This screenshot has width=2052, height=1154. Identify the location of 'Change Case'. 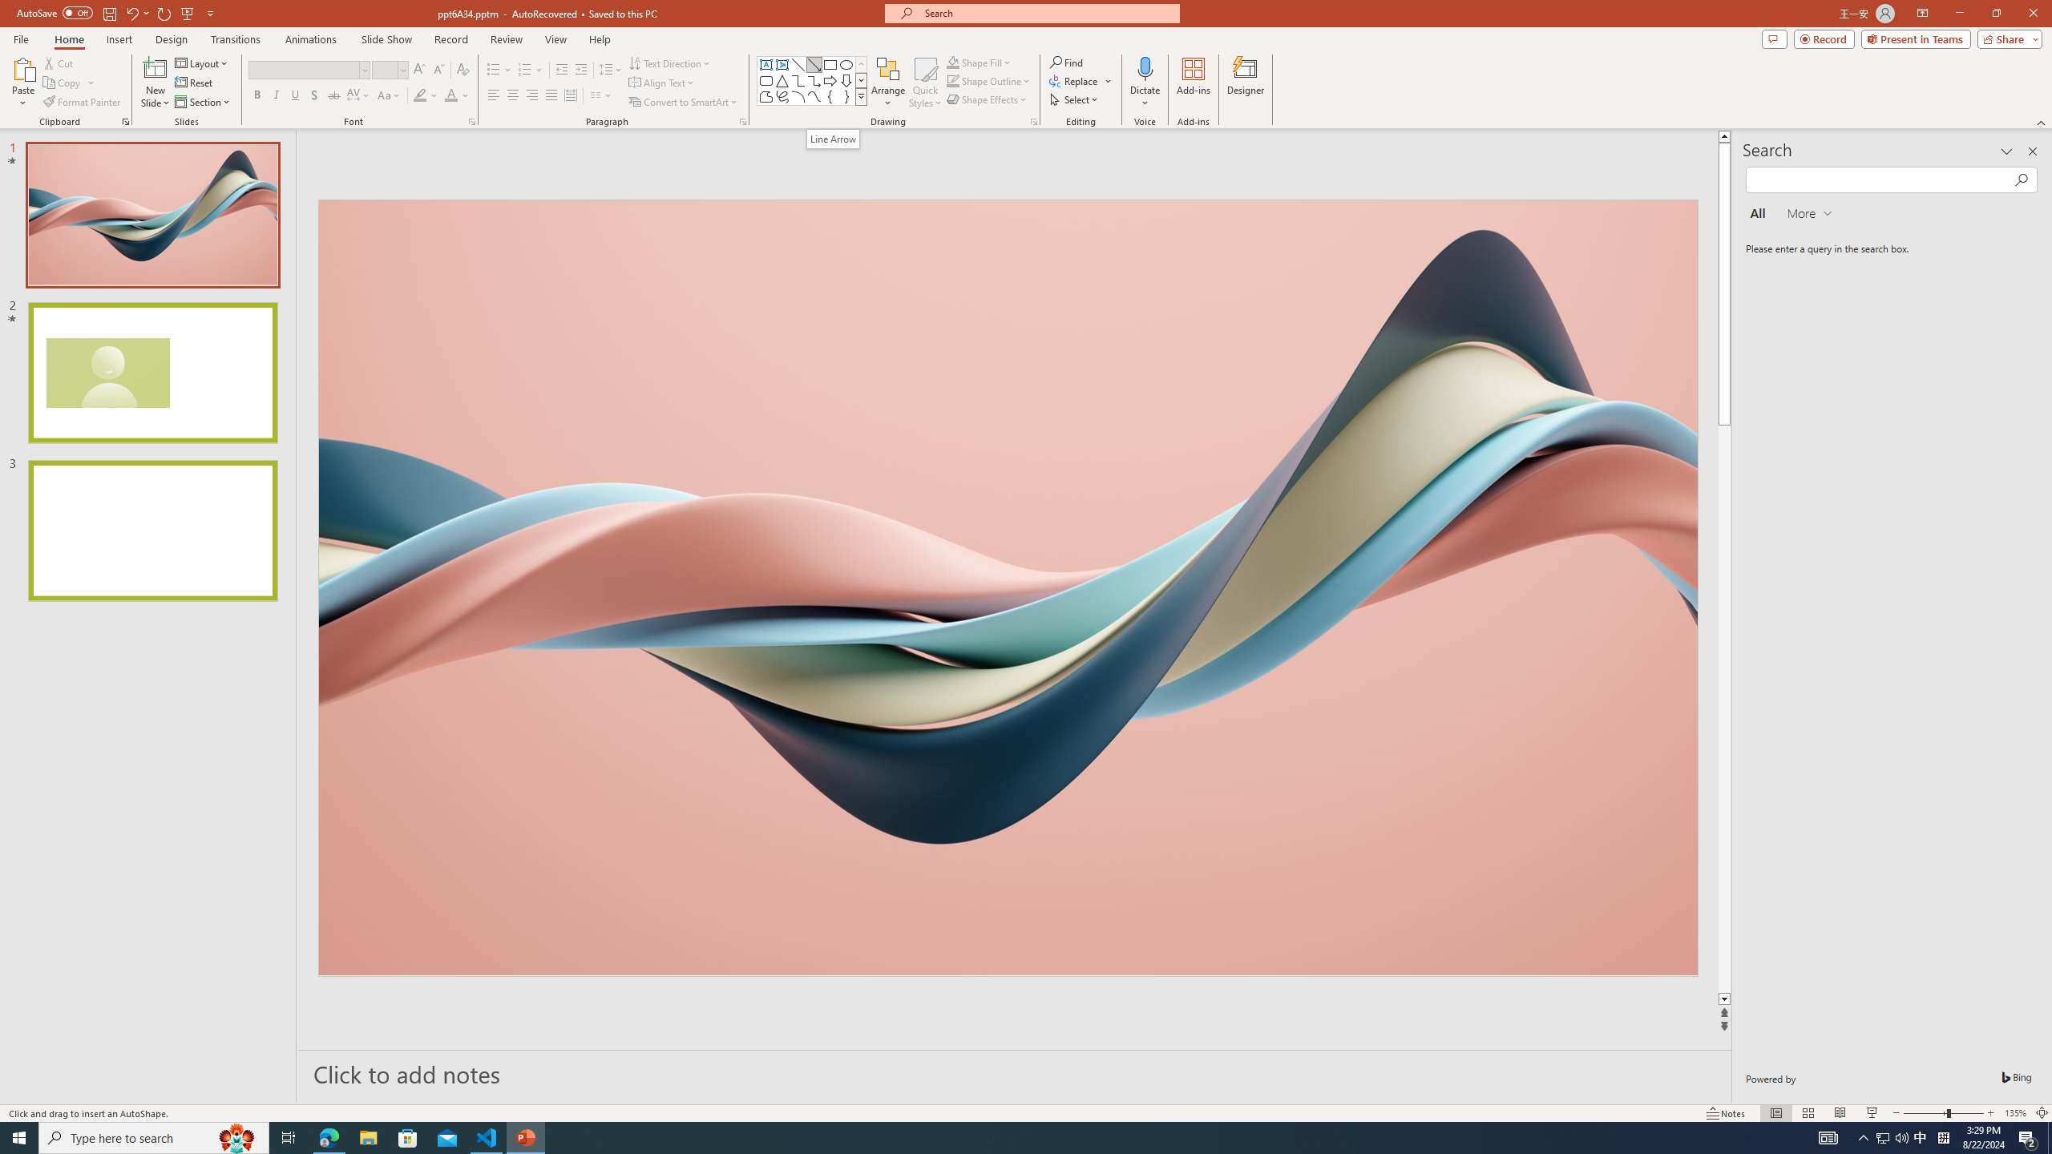
(389, 95).